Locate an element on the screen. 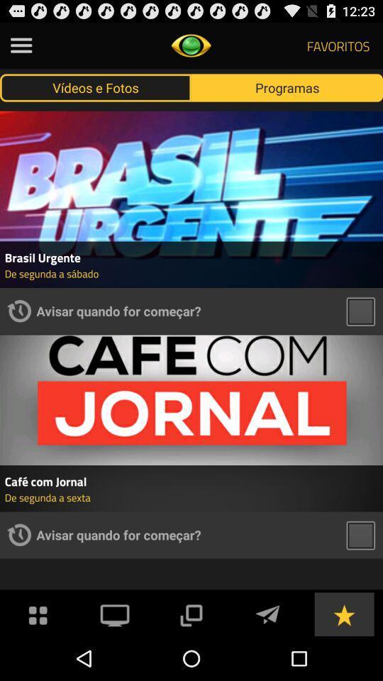  item next to programas button is located at coordinates (96, 87).